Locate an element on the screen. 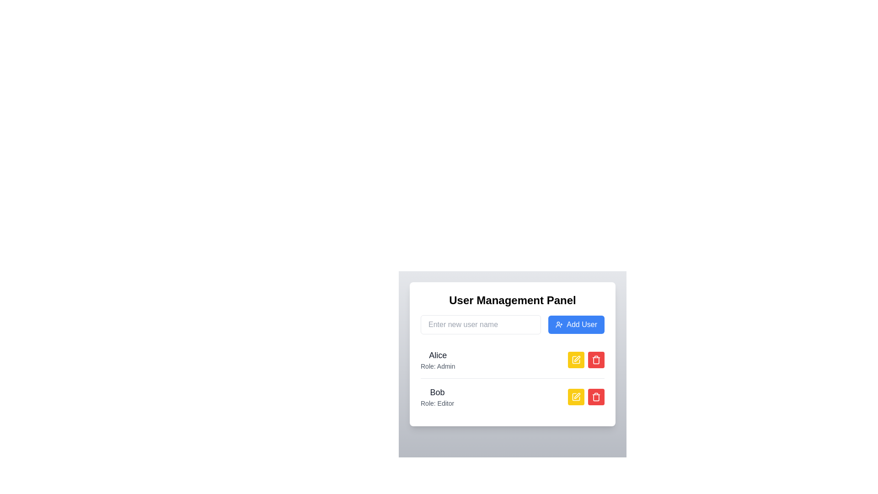 This screenshot has height=494, width=878. the small pen outline icon within a yellow rounded square, located in the second row of user entries for 'Bob: Role - Editor.' is located at coordinates (575, 396).